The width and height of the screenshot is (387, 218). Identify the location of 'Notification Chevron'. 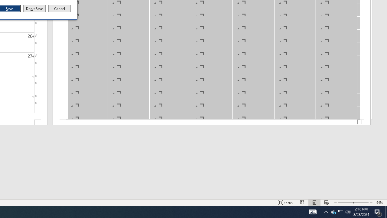
(326, 211).